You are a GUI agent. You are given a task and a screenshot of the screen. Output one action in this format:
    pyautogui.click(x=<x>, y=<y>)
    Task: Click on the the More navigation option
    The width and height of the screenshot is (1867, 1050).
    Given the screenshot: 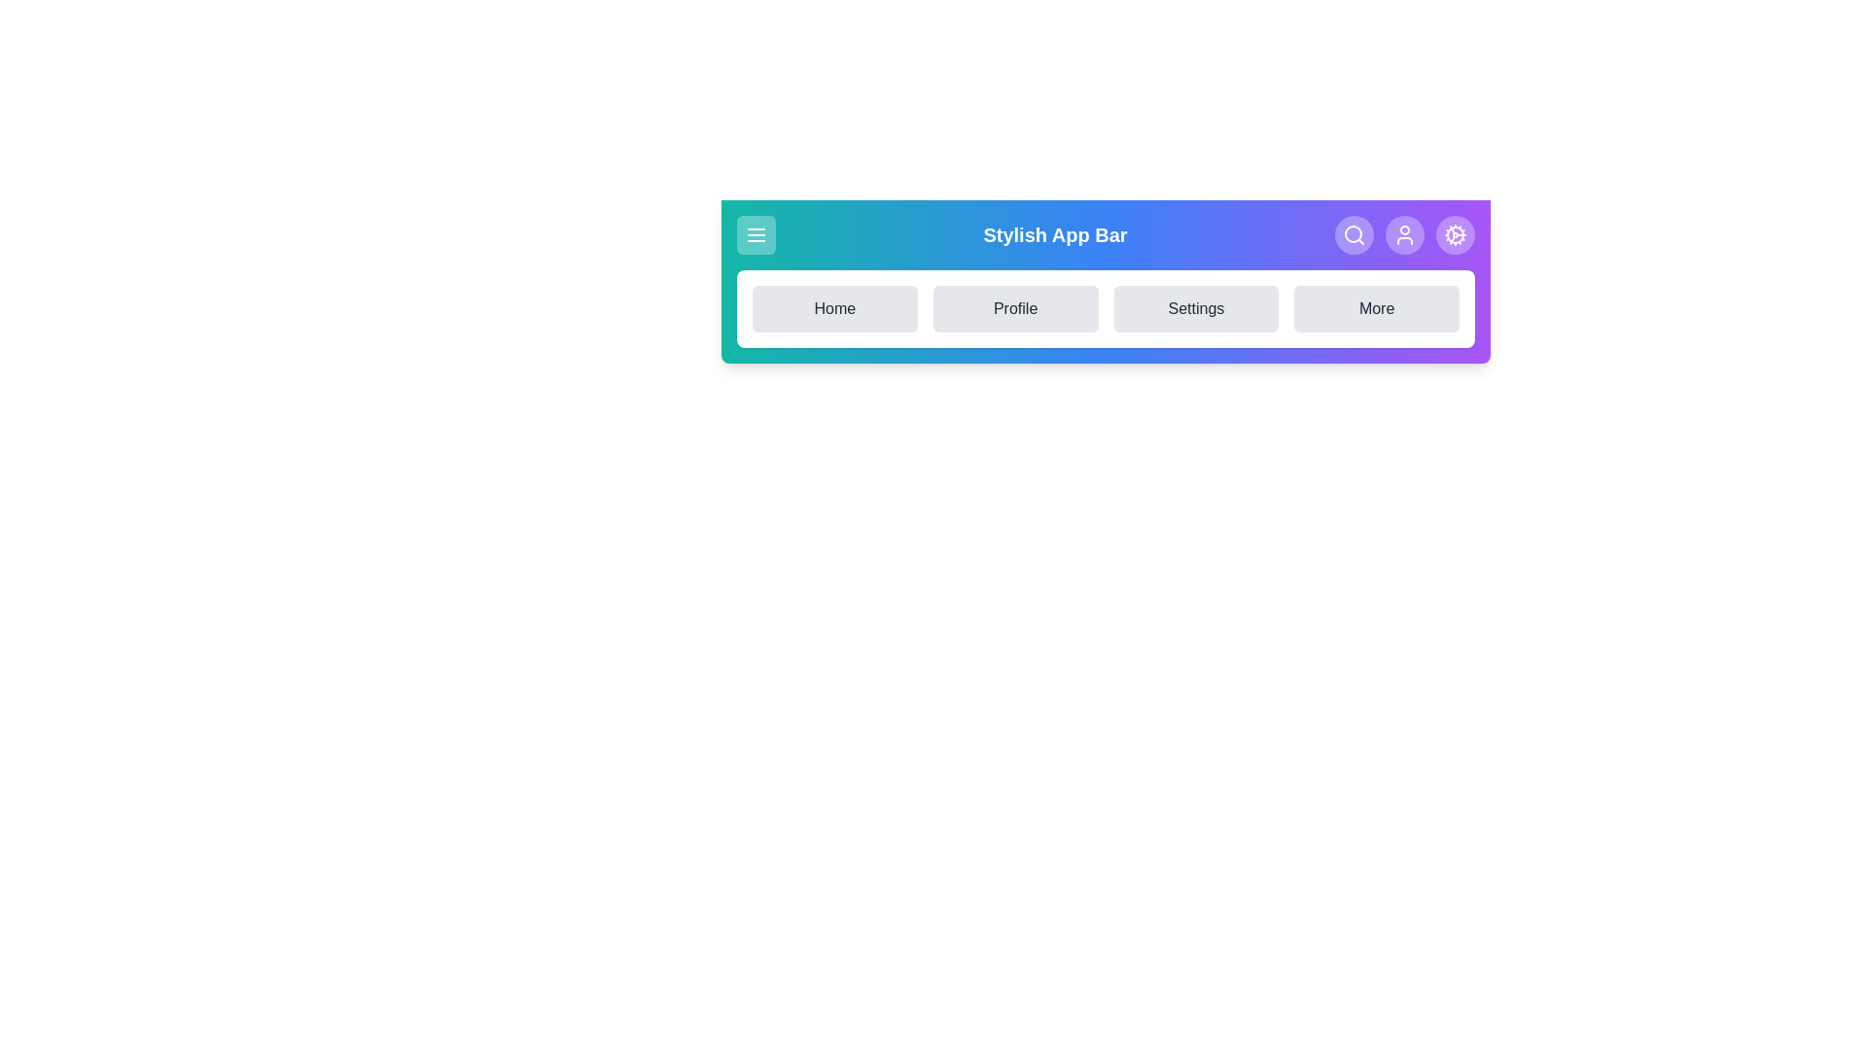 What is the action you would take?
    pyautogui.click(x=1376, y=307)
    